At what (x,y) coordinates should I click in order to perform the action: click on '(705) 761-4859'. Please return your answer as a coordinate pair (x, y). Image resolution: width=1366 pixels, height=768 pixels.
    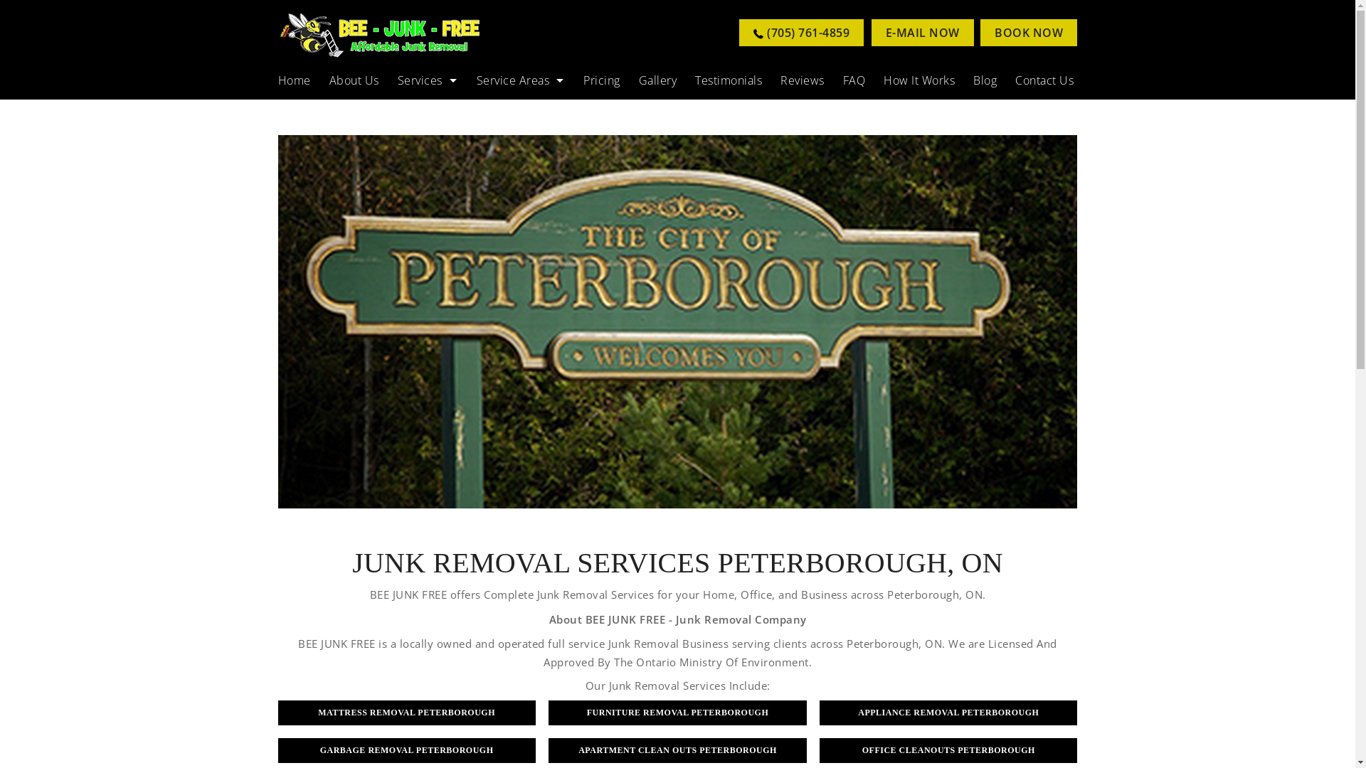
    Looking at the image, I should click on (738, 32).